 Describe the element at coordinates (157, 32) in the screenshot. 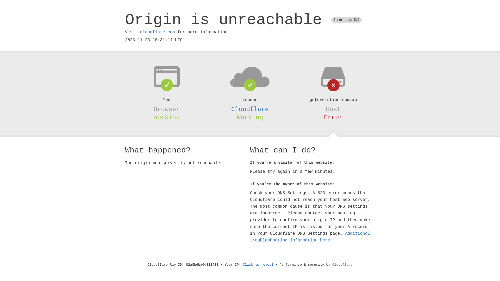

I see `'cloudflare.com'` at that location.